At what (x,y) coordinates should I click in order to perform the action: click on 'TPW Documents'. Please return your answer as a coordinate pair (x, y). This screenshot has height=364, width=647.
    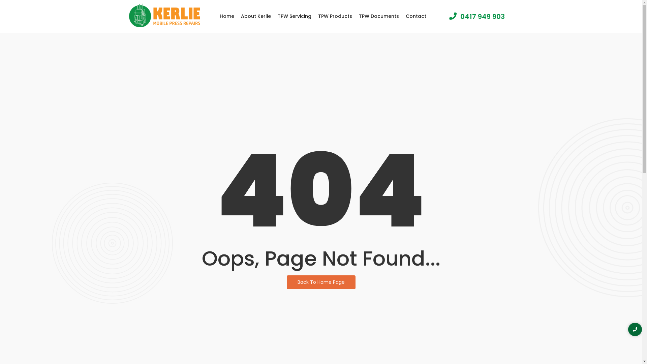
    Looking at the image, I should click on (379, 16).